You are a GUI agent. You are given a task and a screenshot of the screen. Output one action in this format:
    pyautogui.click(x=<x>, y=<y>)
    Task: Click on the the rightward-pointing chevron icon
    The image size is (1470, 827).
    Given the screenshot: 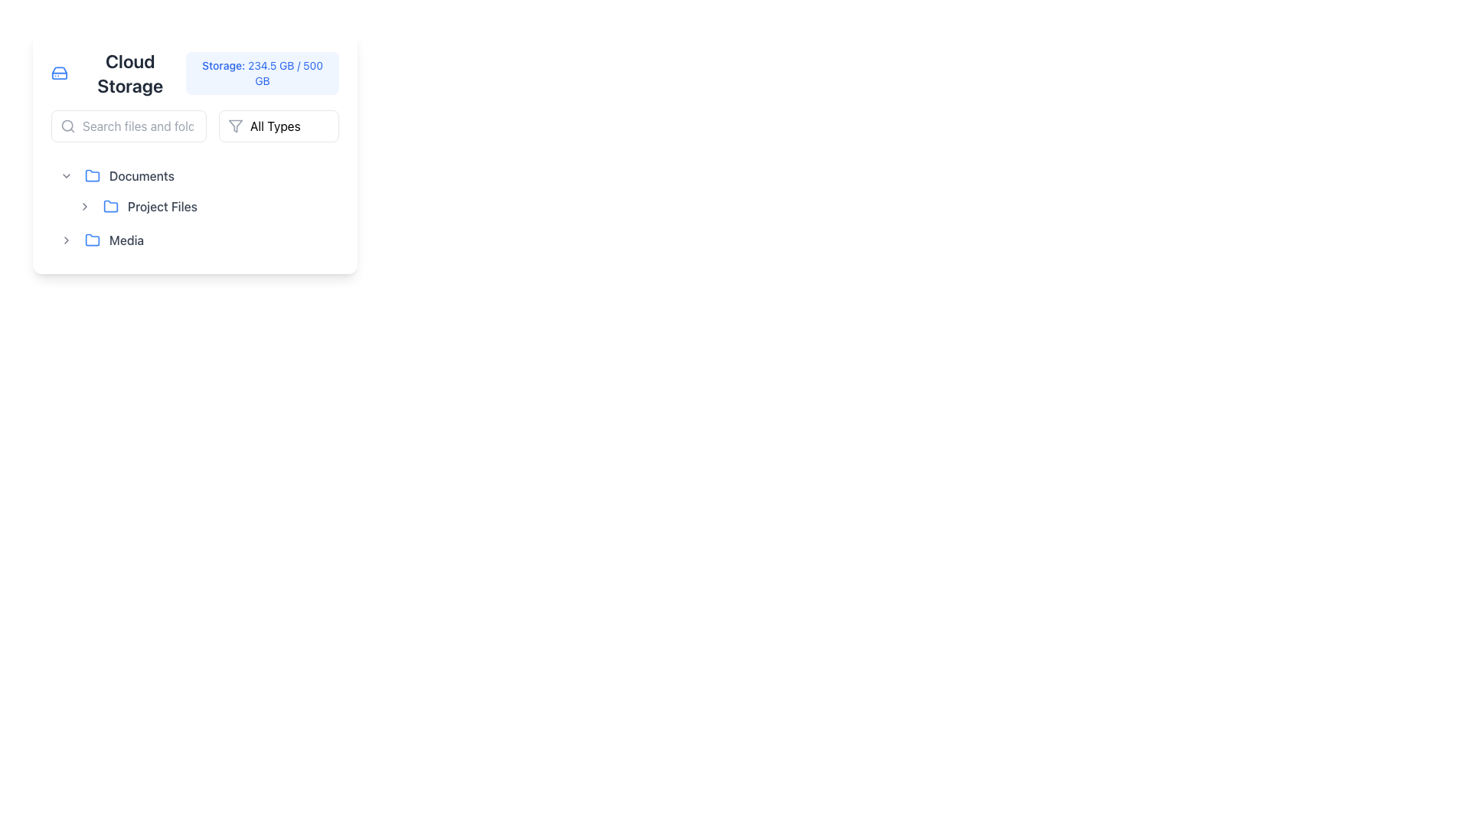 What is the action you would take?
    pyautogui.click(x=65, y=240)
    